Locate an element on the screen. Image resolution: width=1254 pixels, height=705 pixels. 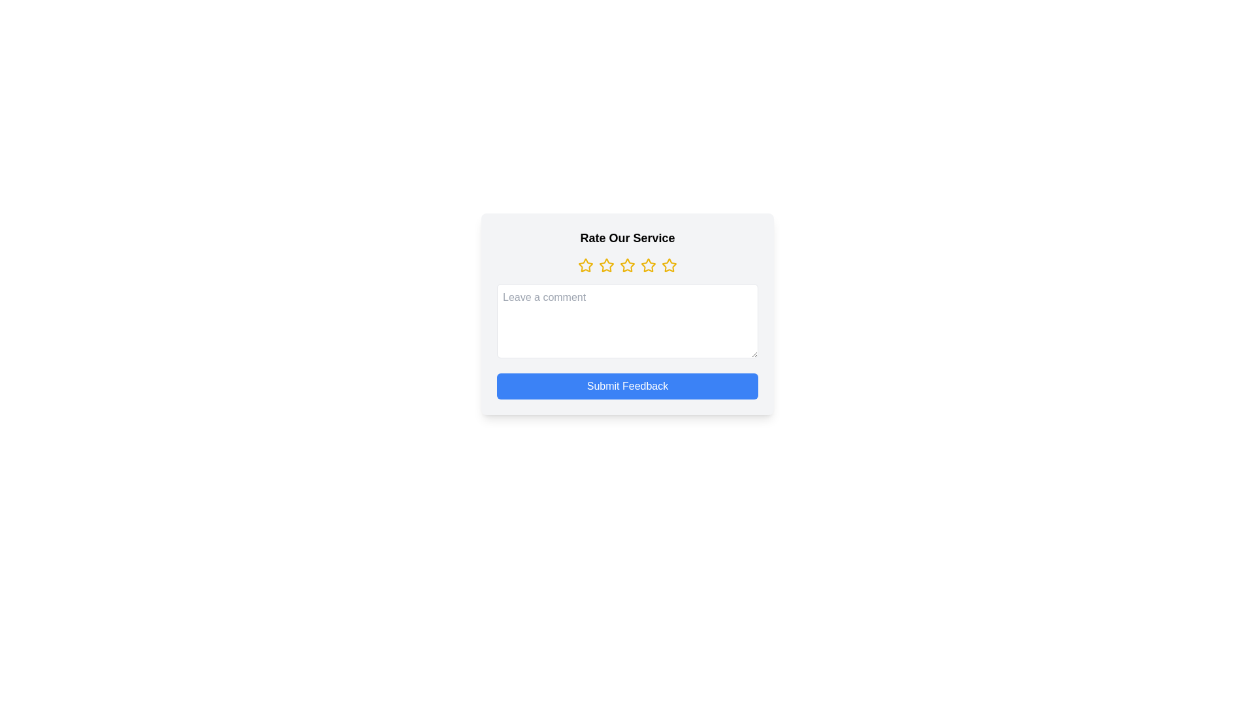
the third star icon in the row of five rating stars located below the 'Rate Our Service' text is located at coordinates (649, 264).